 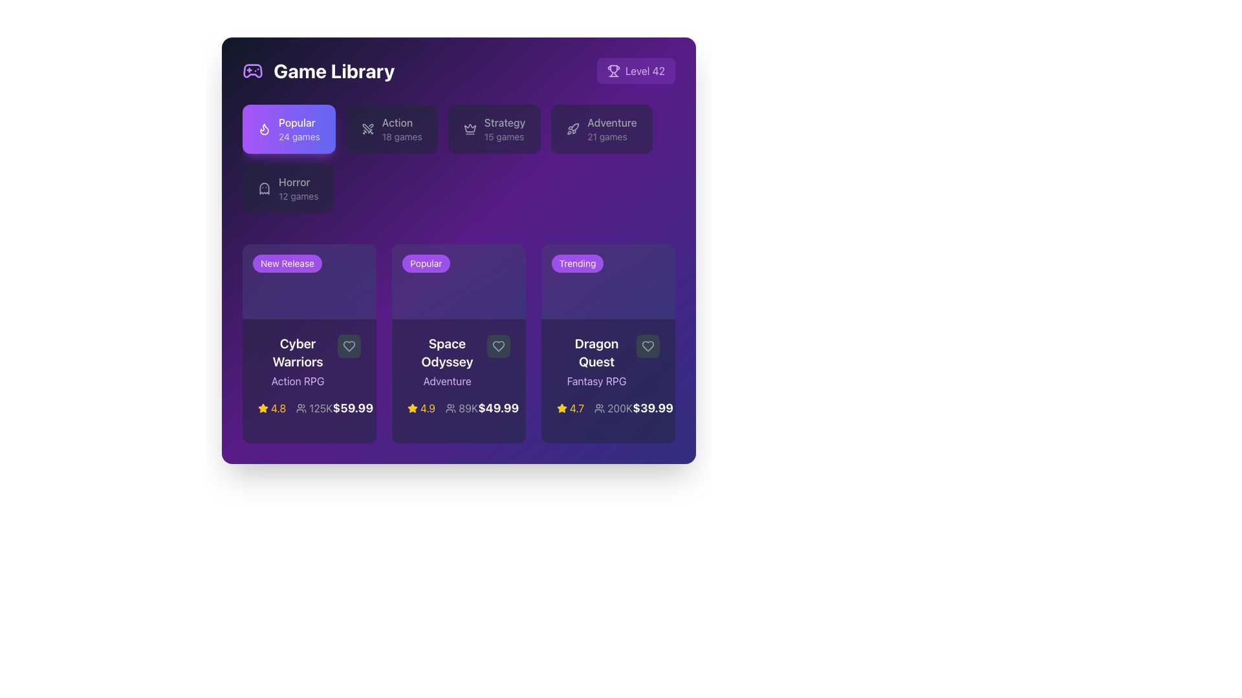 What do you see at coordinates (596, 353) in the screenshot?
I see `text of the title label that identifies the game title, positioned at the top of the card above the subtext 'Fantasy RPG'` at bounding box center [596, 353].